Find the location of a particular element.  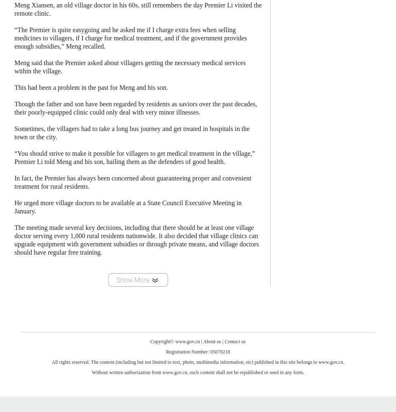

'Registration Number: 05070218' is located at coordinates (165, 351).